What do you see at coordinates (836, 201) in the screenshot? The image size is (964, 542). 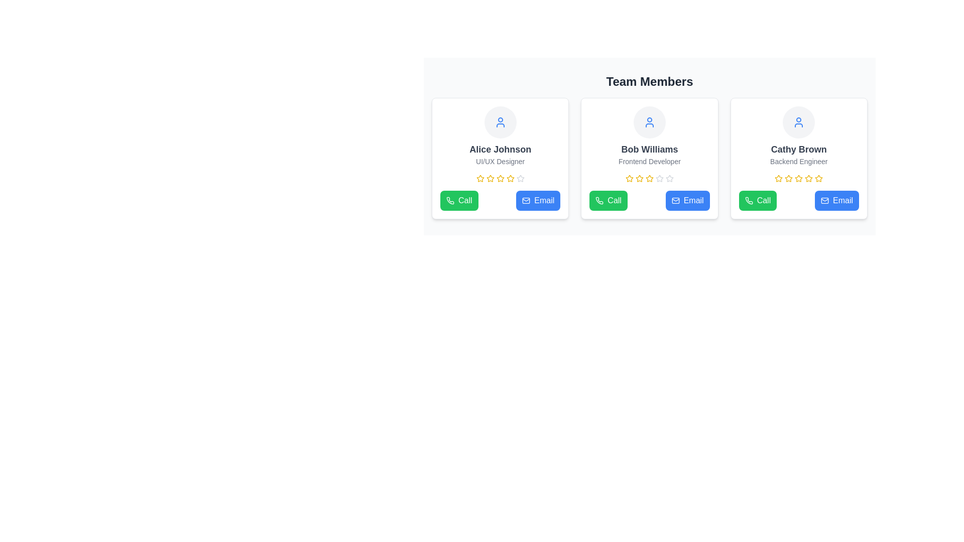 I see `the 'Email' button with a blue background and white text, located at the bottom right corner of the profile card for 'Cathy Brown'` at bounding box center [836, 201].